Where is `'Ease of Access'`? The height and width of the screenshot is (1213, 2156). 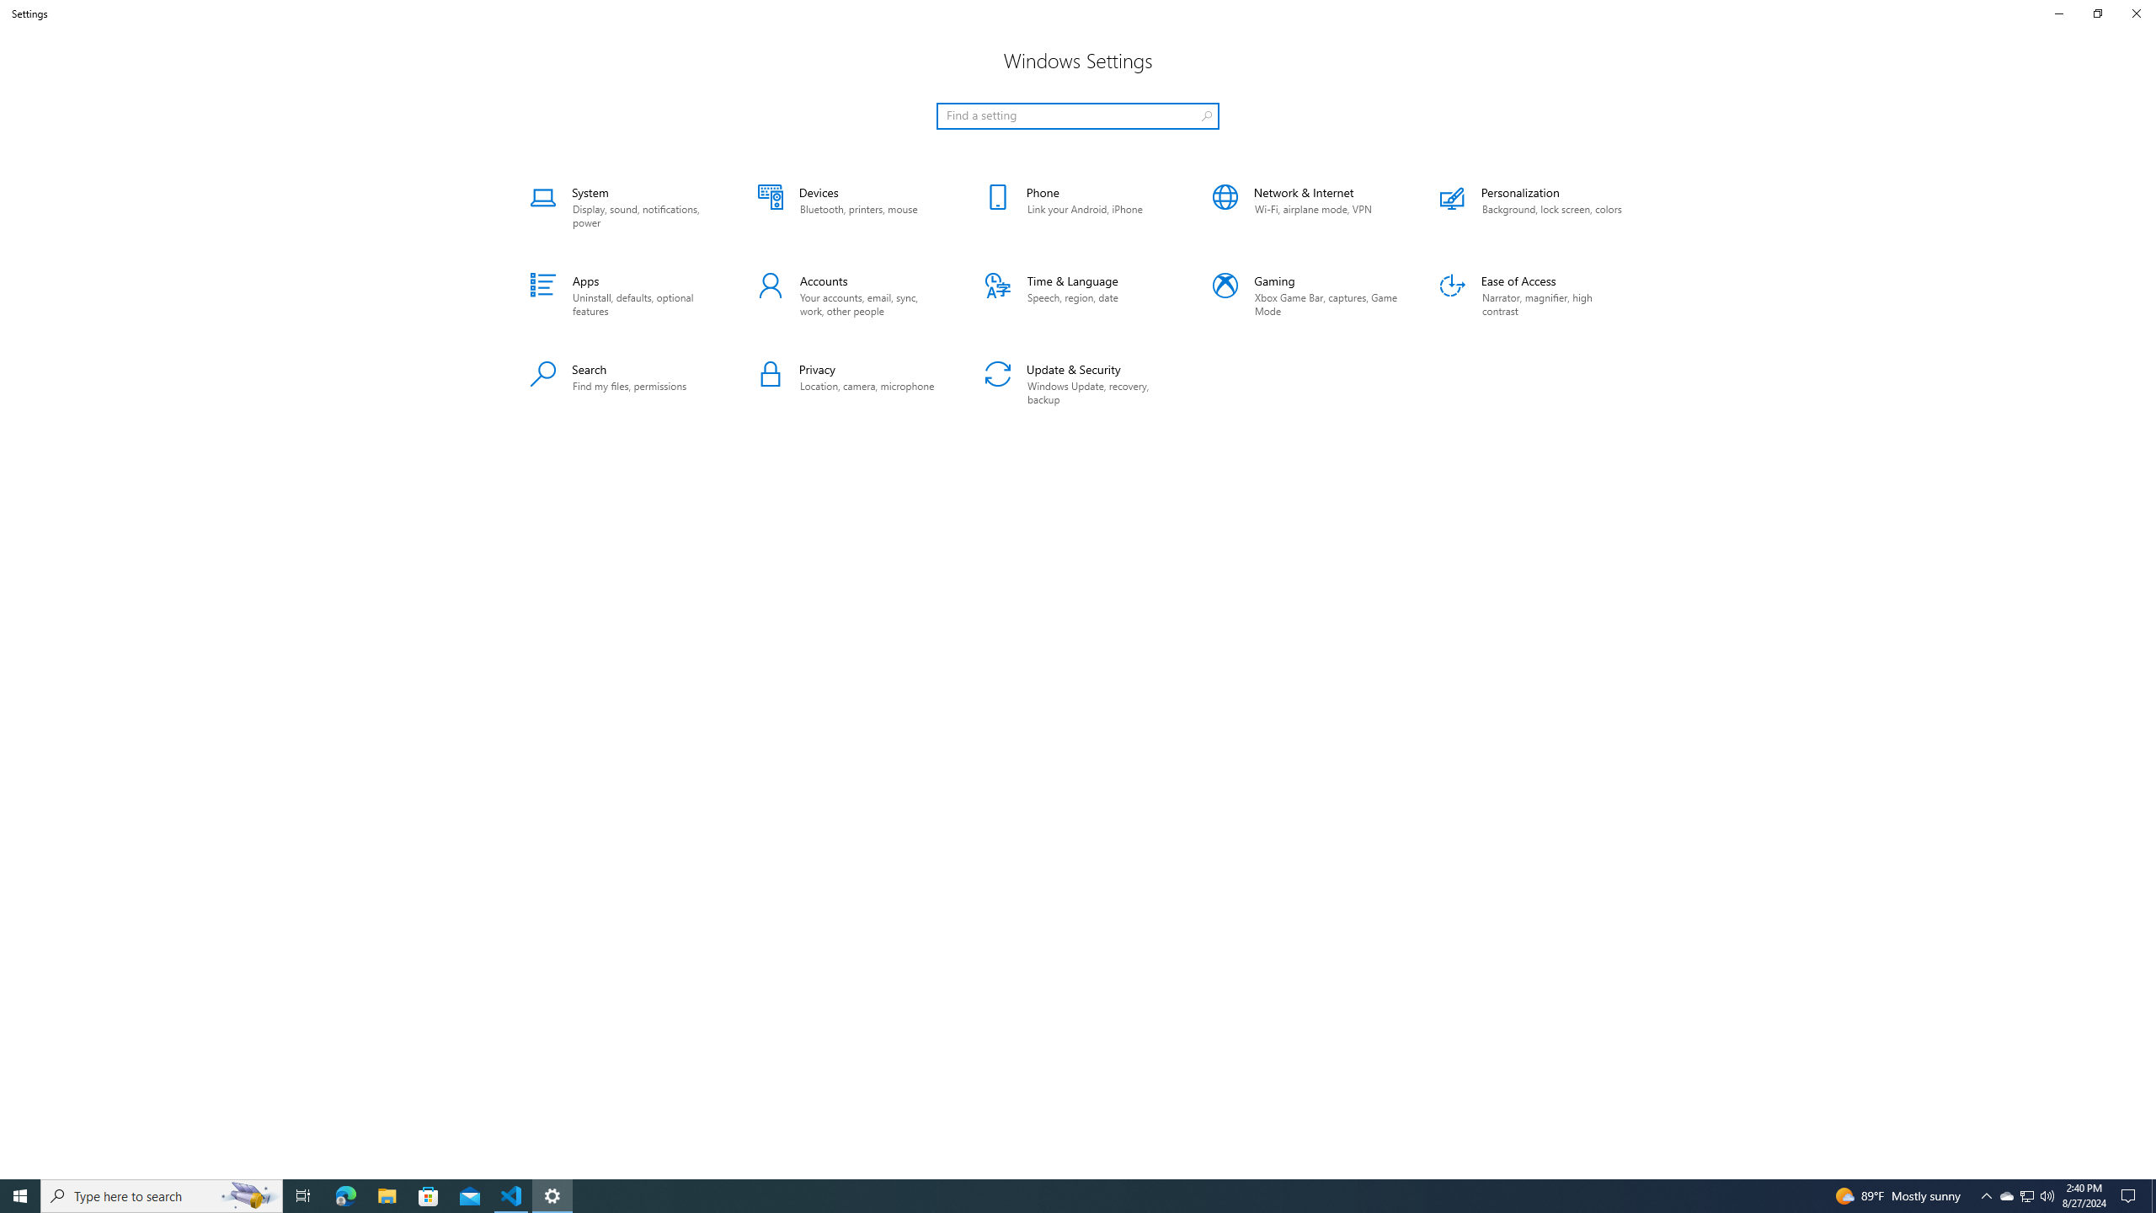 'Ease of Access' is located at coordinates (1532, 297).